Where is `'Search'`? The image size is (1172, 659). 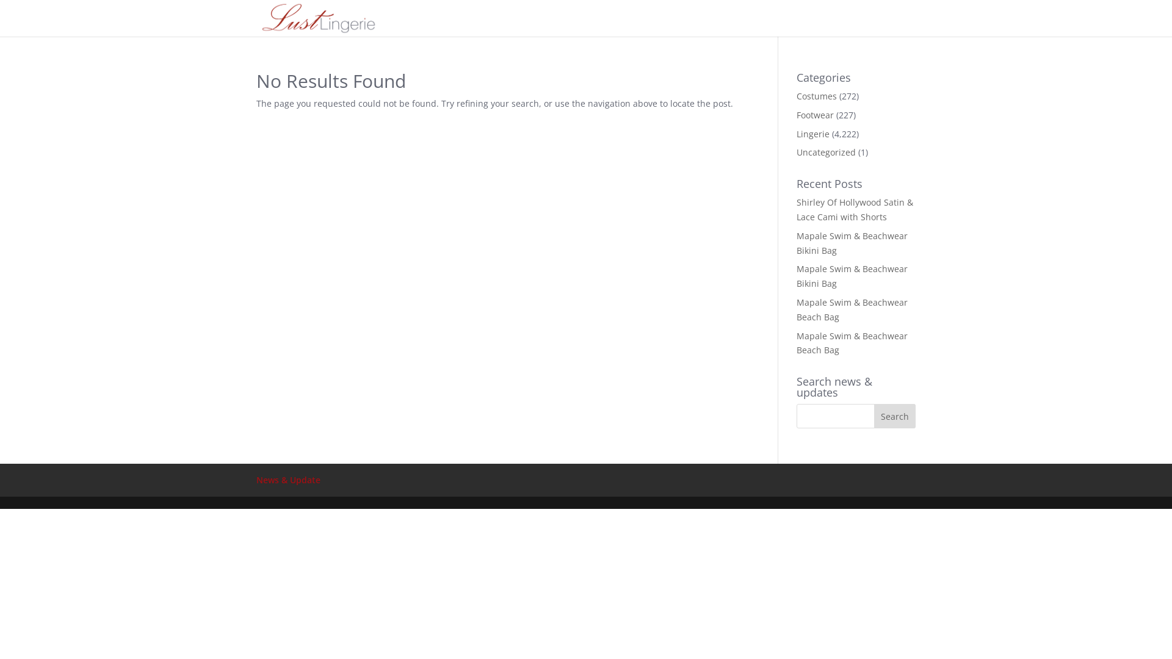
'Search' is located at coordinates (894, 416).